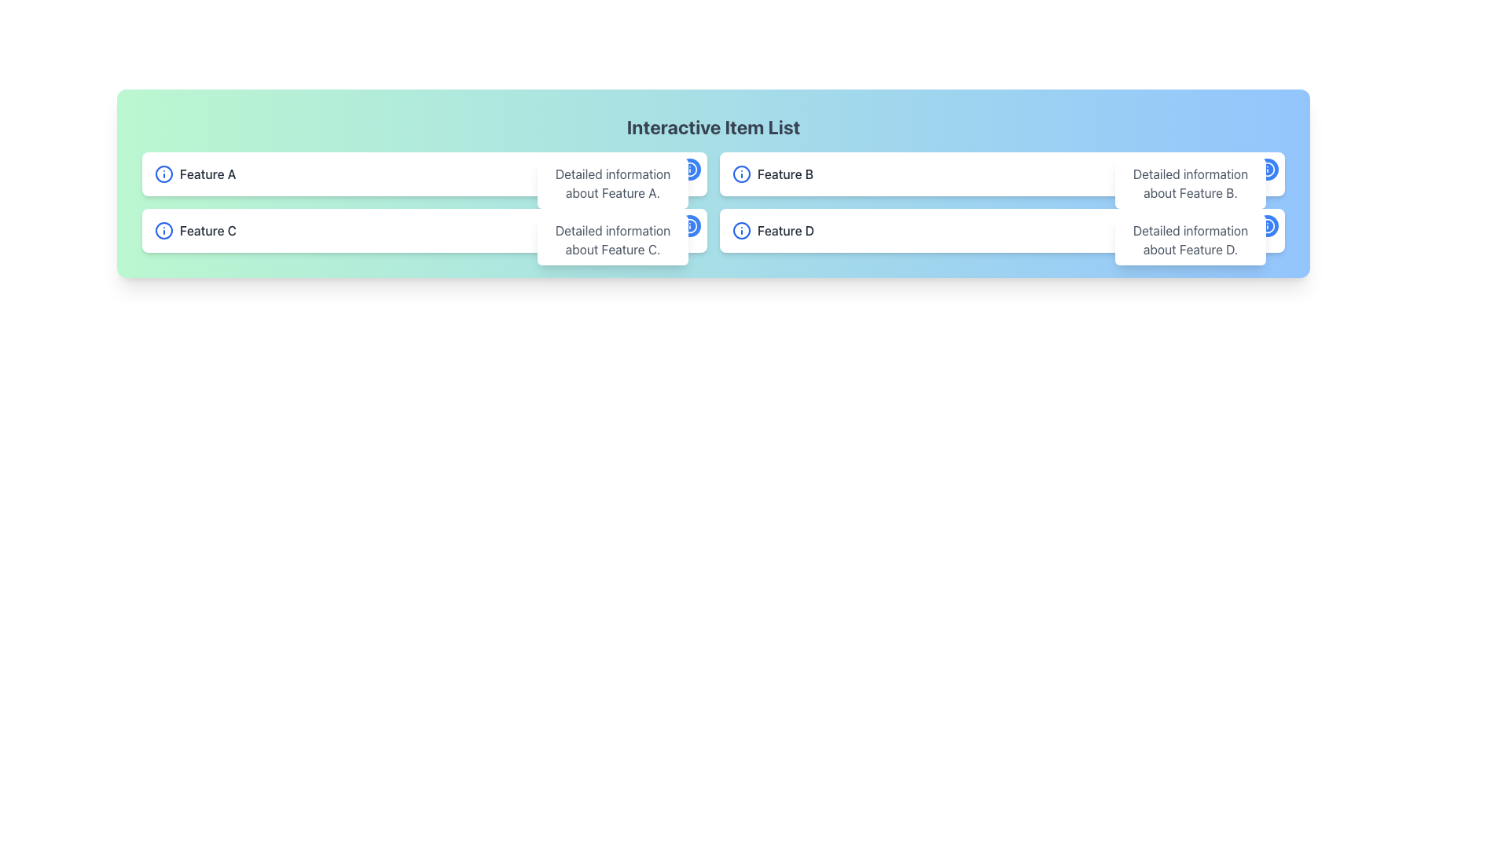 Image resolution: width=1509 pixels, height=848 pixels. What do you see at coordinates (1267, 170) in the screenshot?
I see `the small blue circular icon with a white outline, located on the right side of the second list item in the blue section of the interface` at bounding box center [1267, 170].